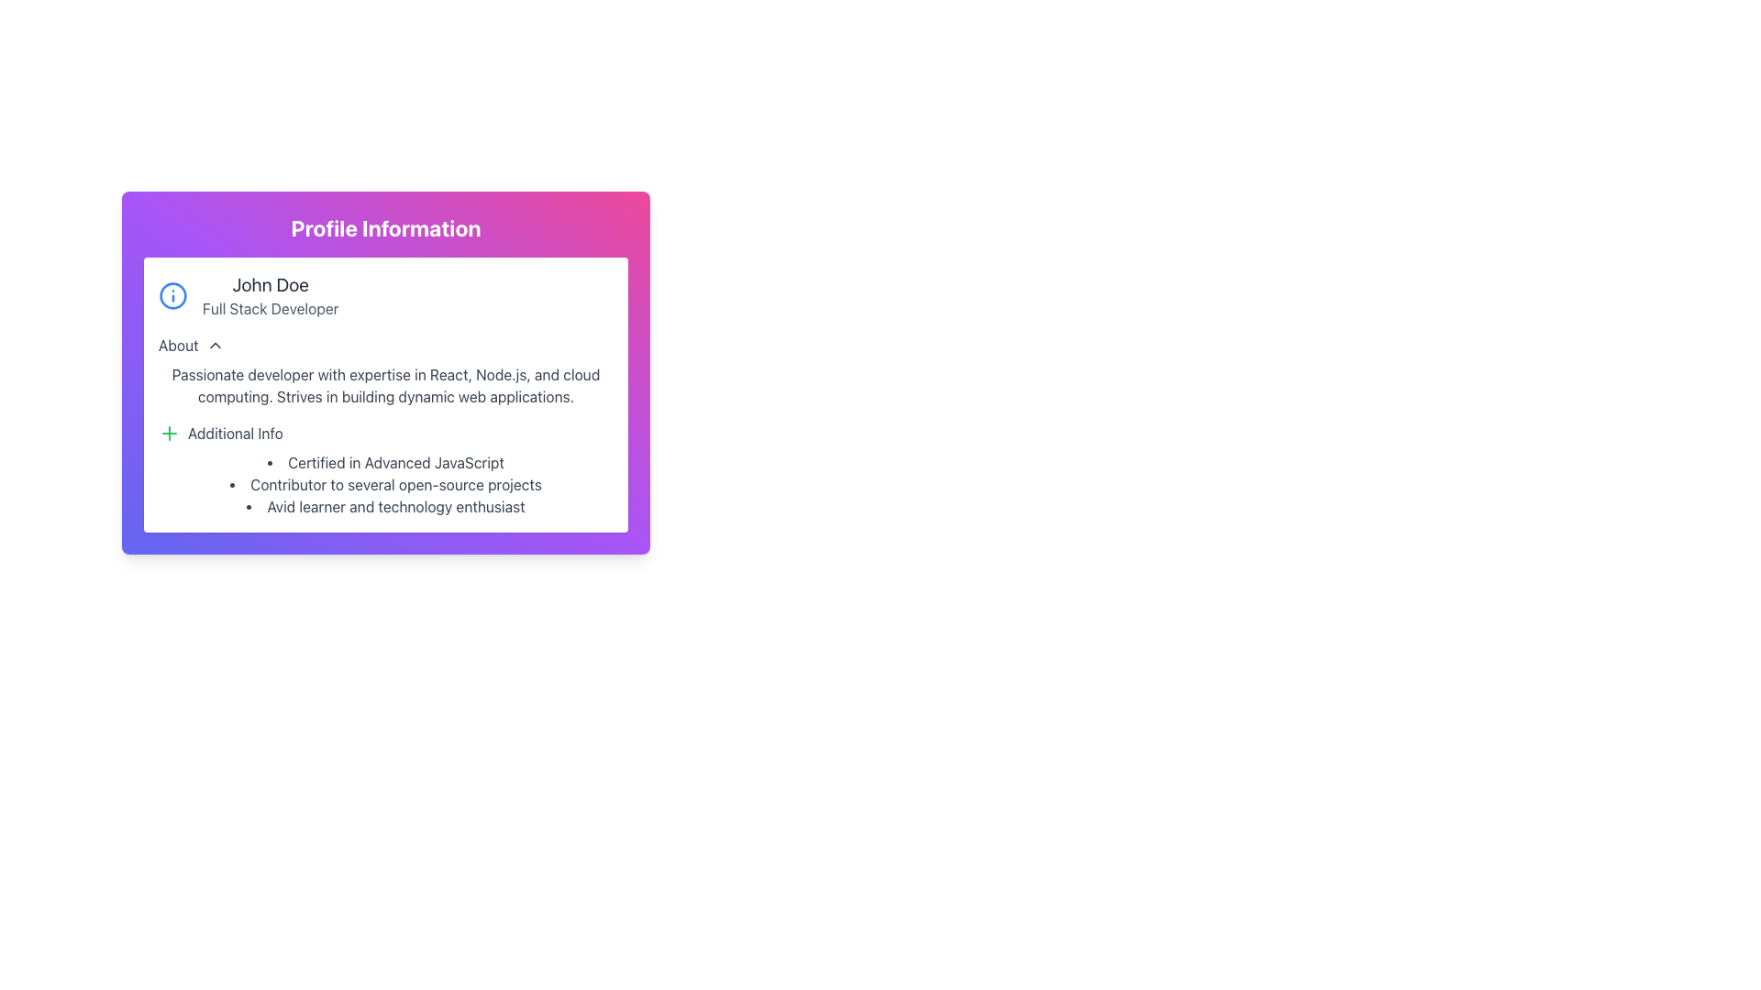  What do you see at coordinates (172, 295) in the screenshot?
I see `the blue circular icon enclosed within a blue circle outline located in the top-left corner of the 'Profile Information' section` at bounding box center [172, 295].